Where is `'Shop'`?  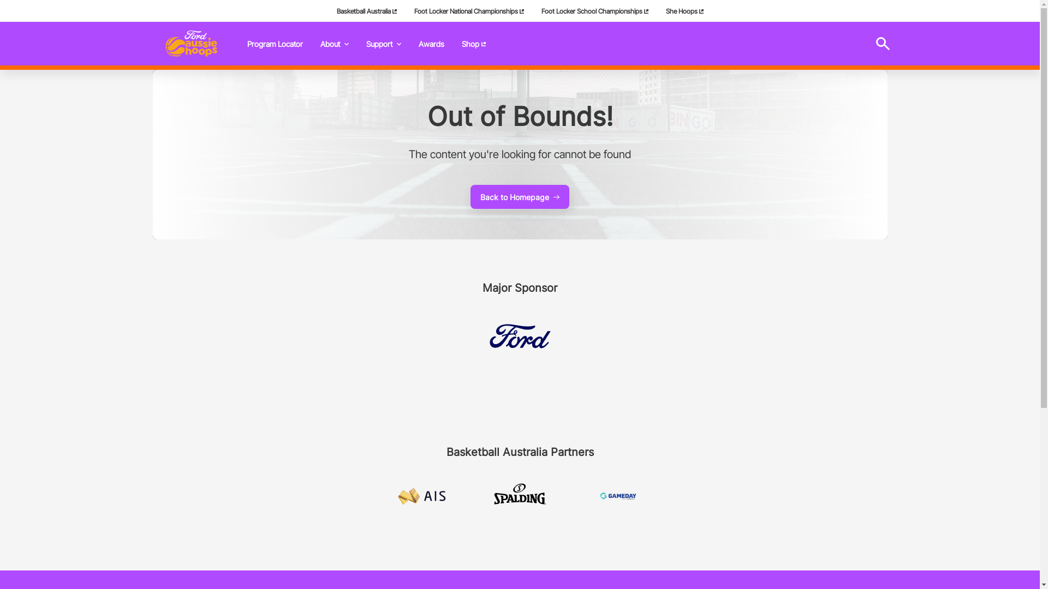
'Shop' is located at coordinates (474, 43).